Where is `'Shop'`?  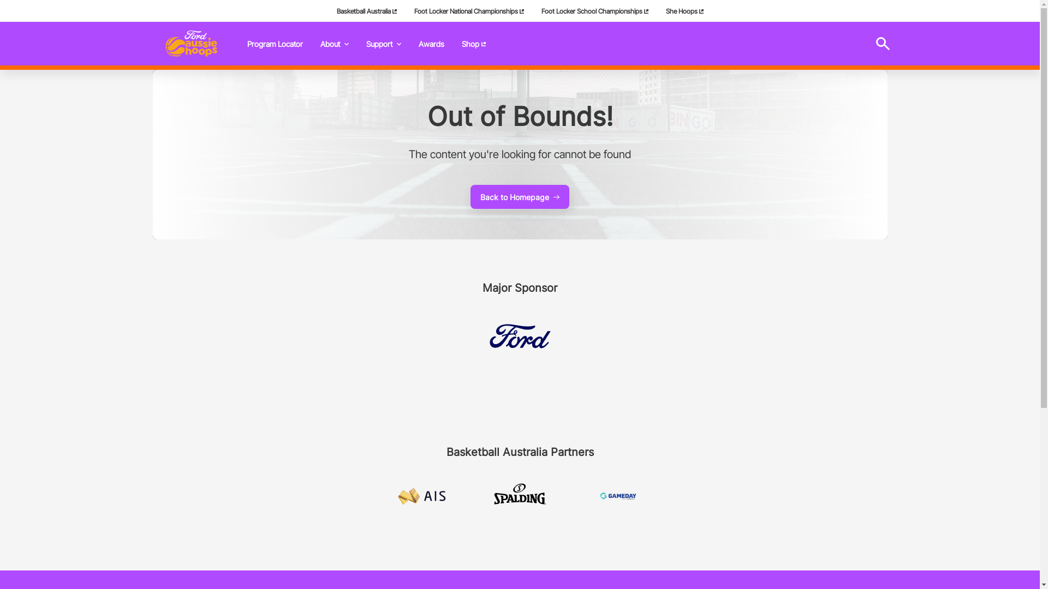
'Shop' is located at coordinates (474, 43).